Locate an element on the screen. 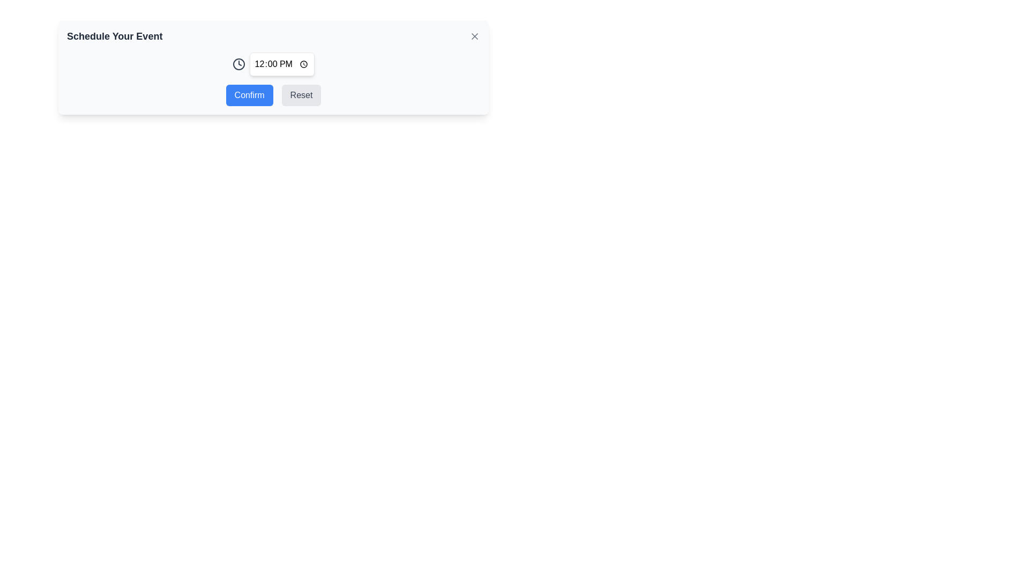  the close button located in the top-right corner of the 'Schedule Your Event' modal is located at coordinates (474, 36).